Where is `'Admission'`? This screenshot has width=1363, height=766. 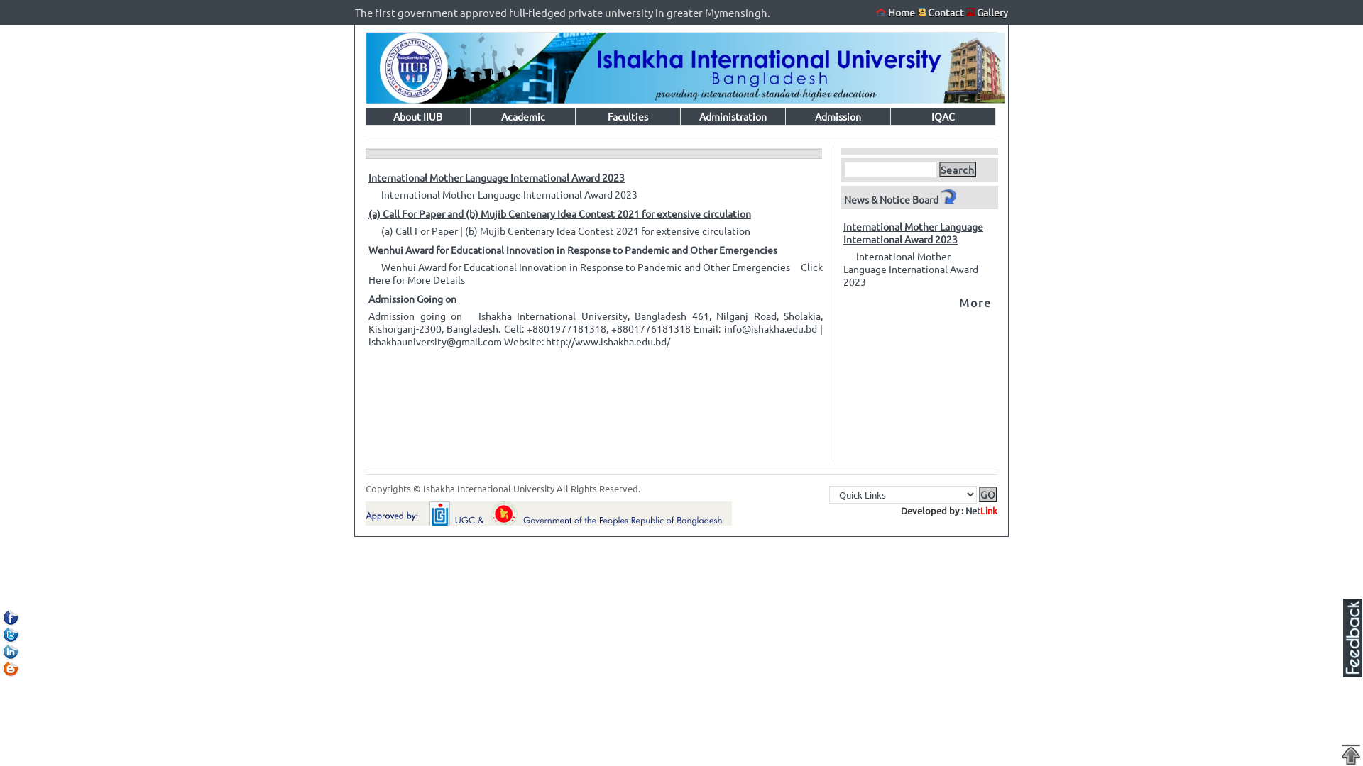
'Admission' is located at coordinates (838, 116).